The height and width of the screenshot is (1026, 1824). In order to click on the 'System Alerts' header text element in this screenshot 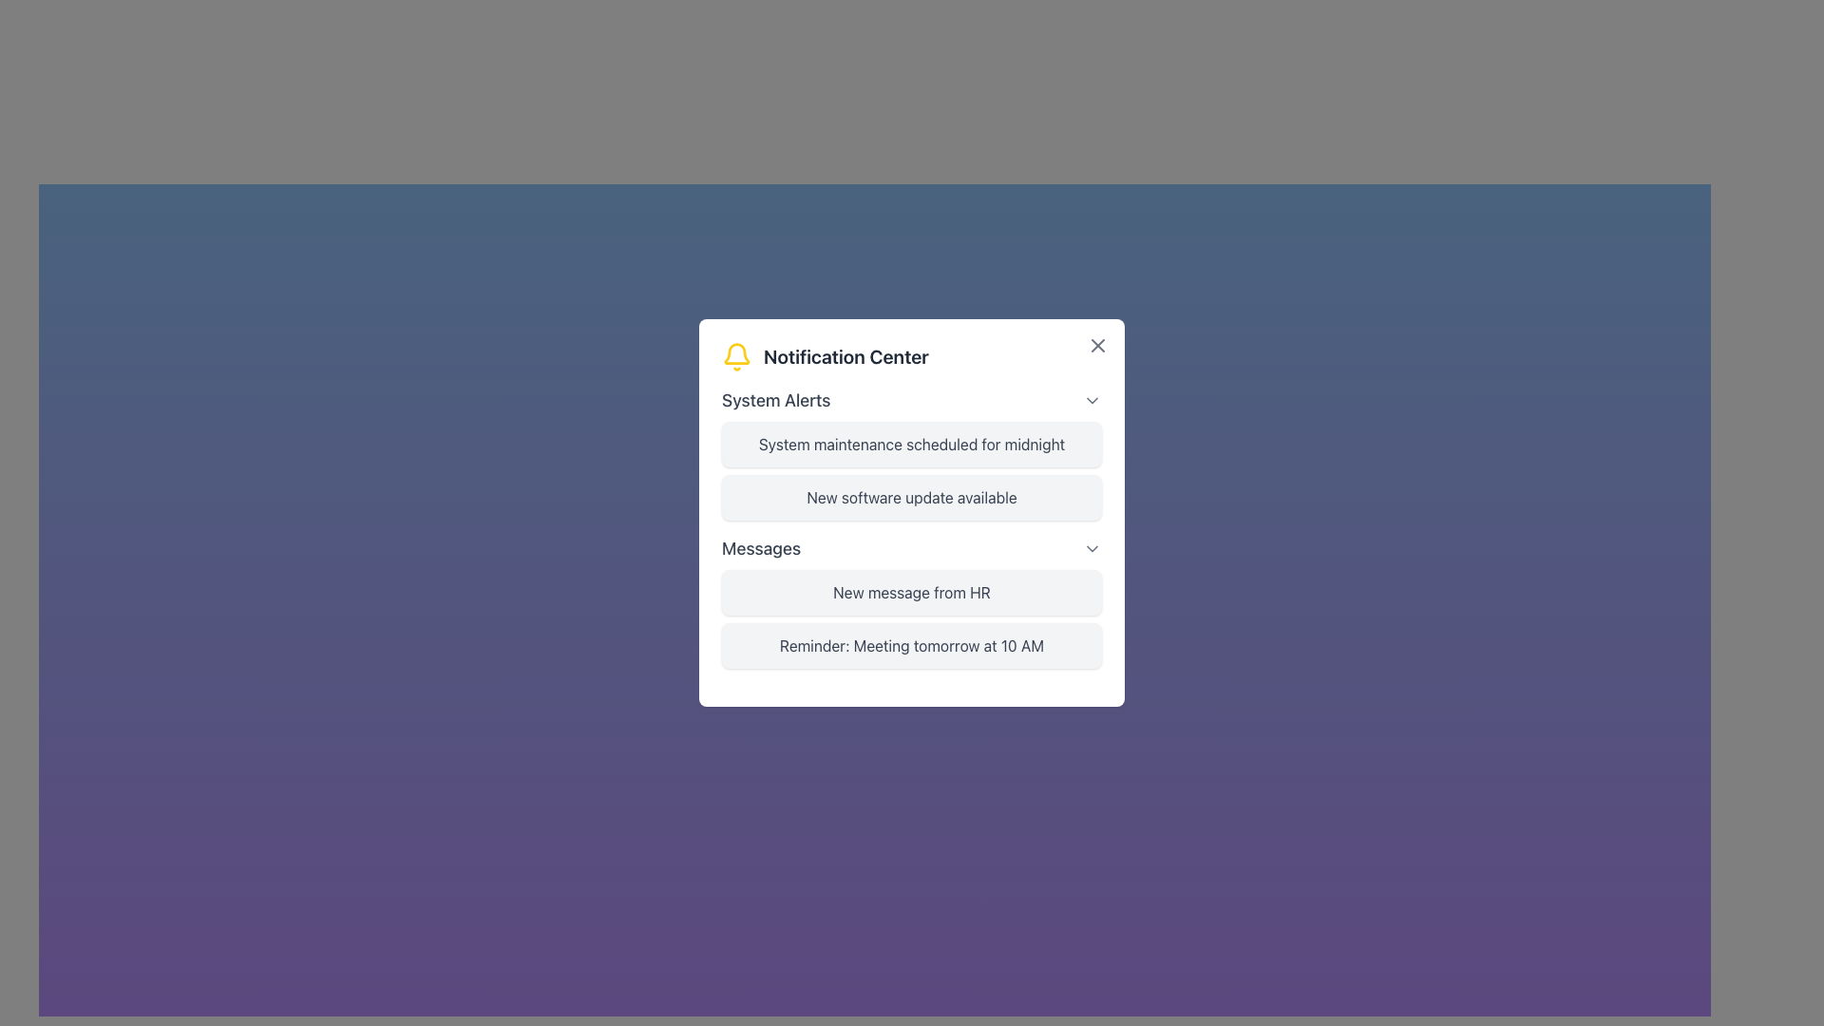, I will do `click(776, 399)`.